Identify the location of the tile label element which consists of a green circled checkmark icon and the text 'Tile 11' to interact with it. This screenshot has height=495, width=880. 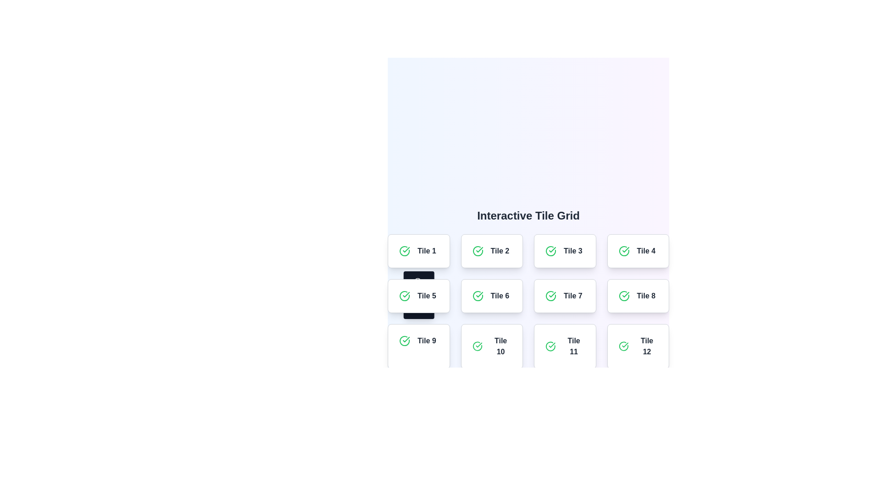
(564, 346).